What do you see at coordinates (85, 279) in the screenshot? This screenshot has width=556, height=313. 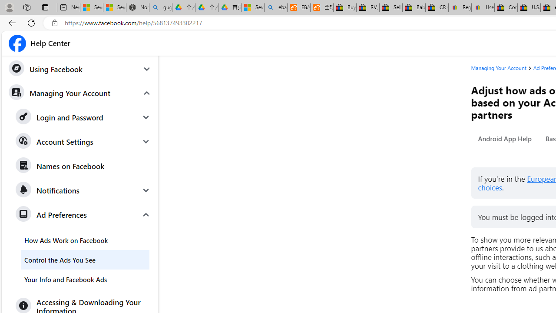 I see `'Your Info and Facebook Ads'` at bounding box center [85, 279].